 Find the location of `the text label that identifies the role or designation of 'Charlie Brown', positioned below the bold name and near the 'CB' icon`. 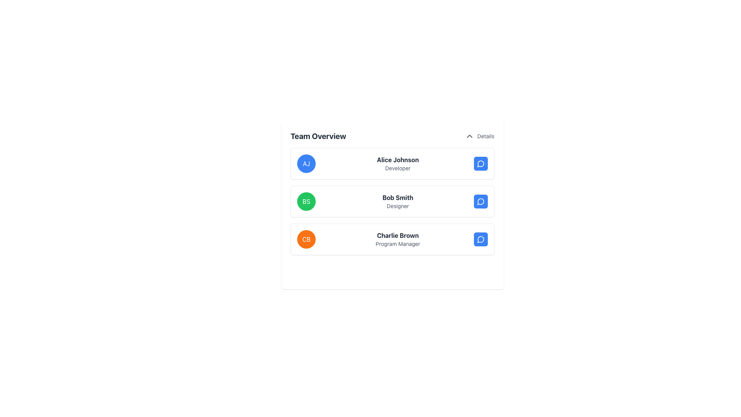

the text label that identifies the role or designation of 'Charlie Brown', positioned below the bold name and near the 'CB' icon is located at coordinates (398, 244).